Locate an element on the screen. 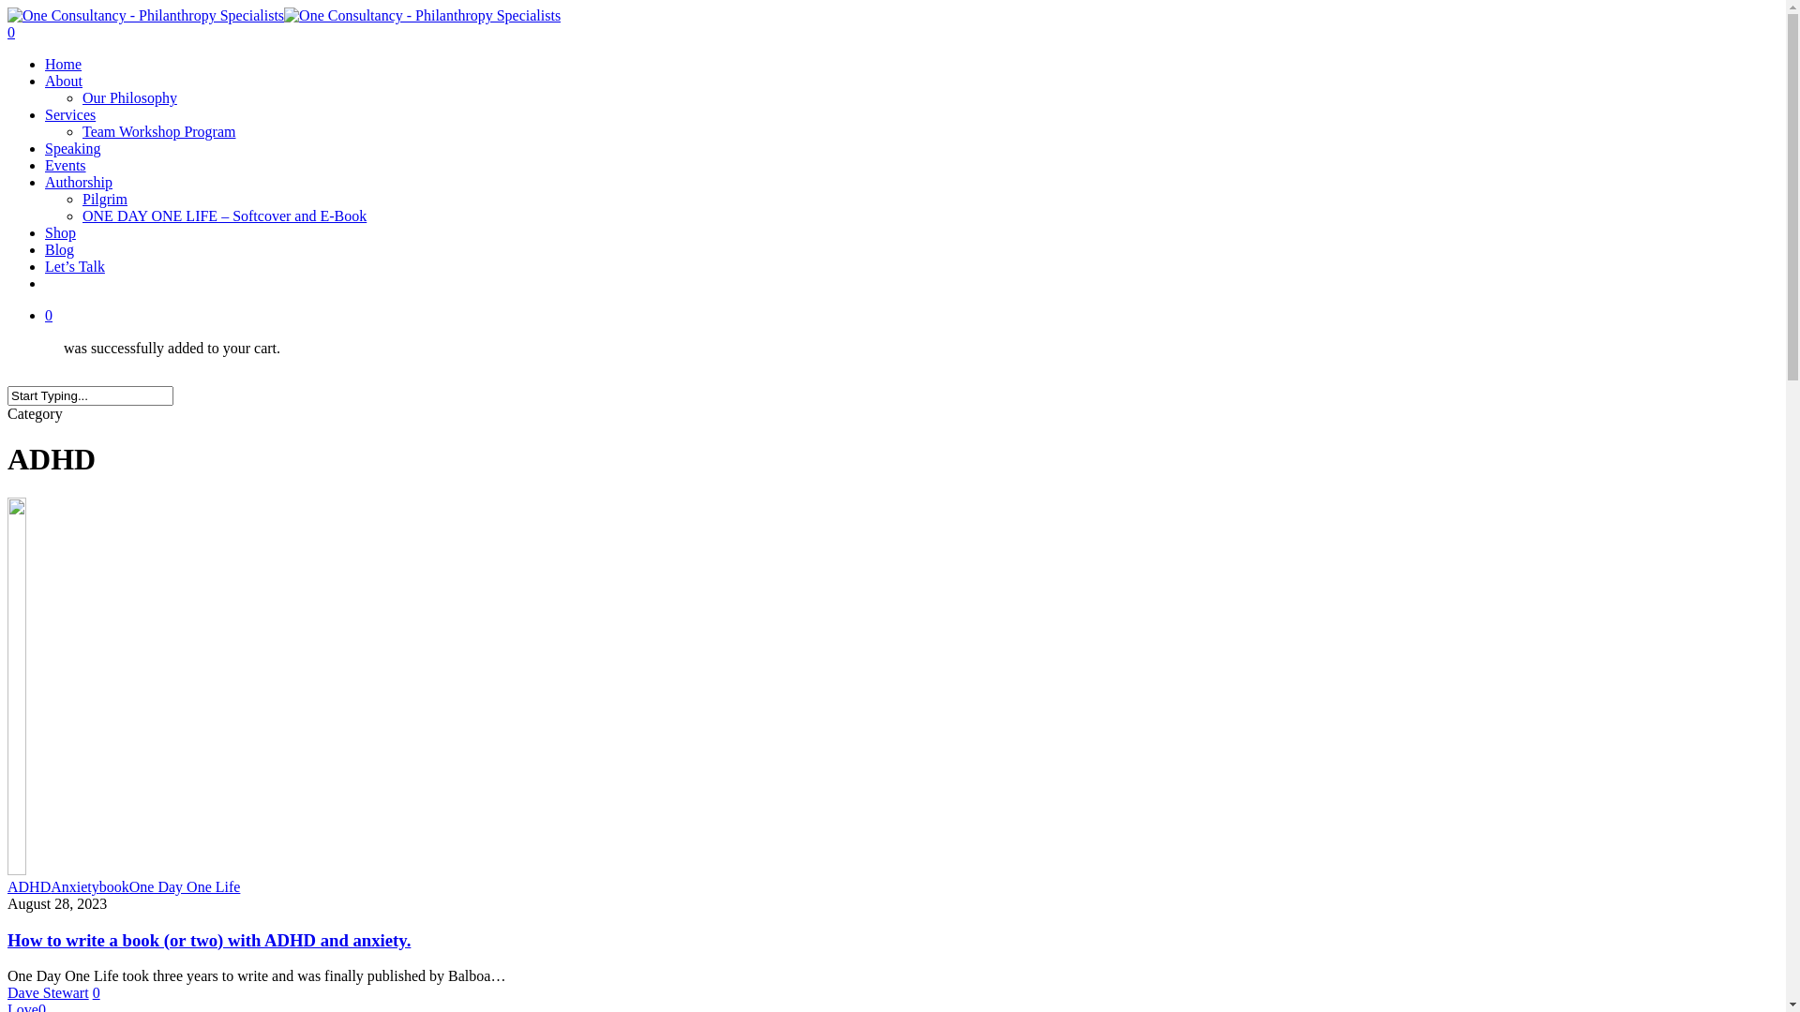 The image size is (1800, 1012). 'Shop' is located at coordinates (45, 231).